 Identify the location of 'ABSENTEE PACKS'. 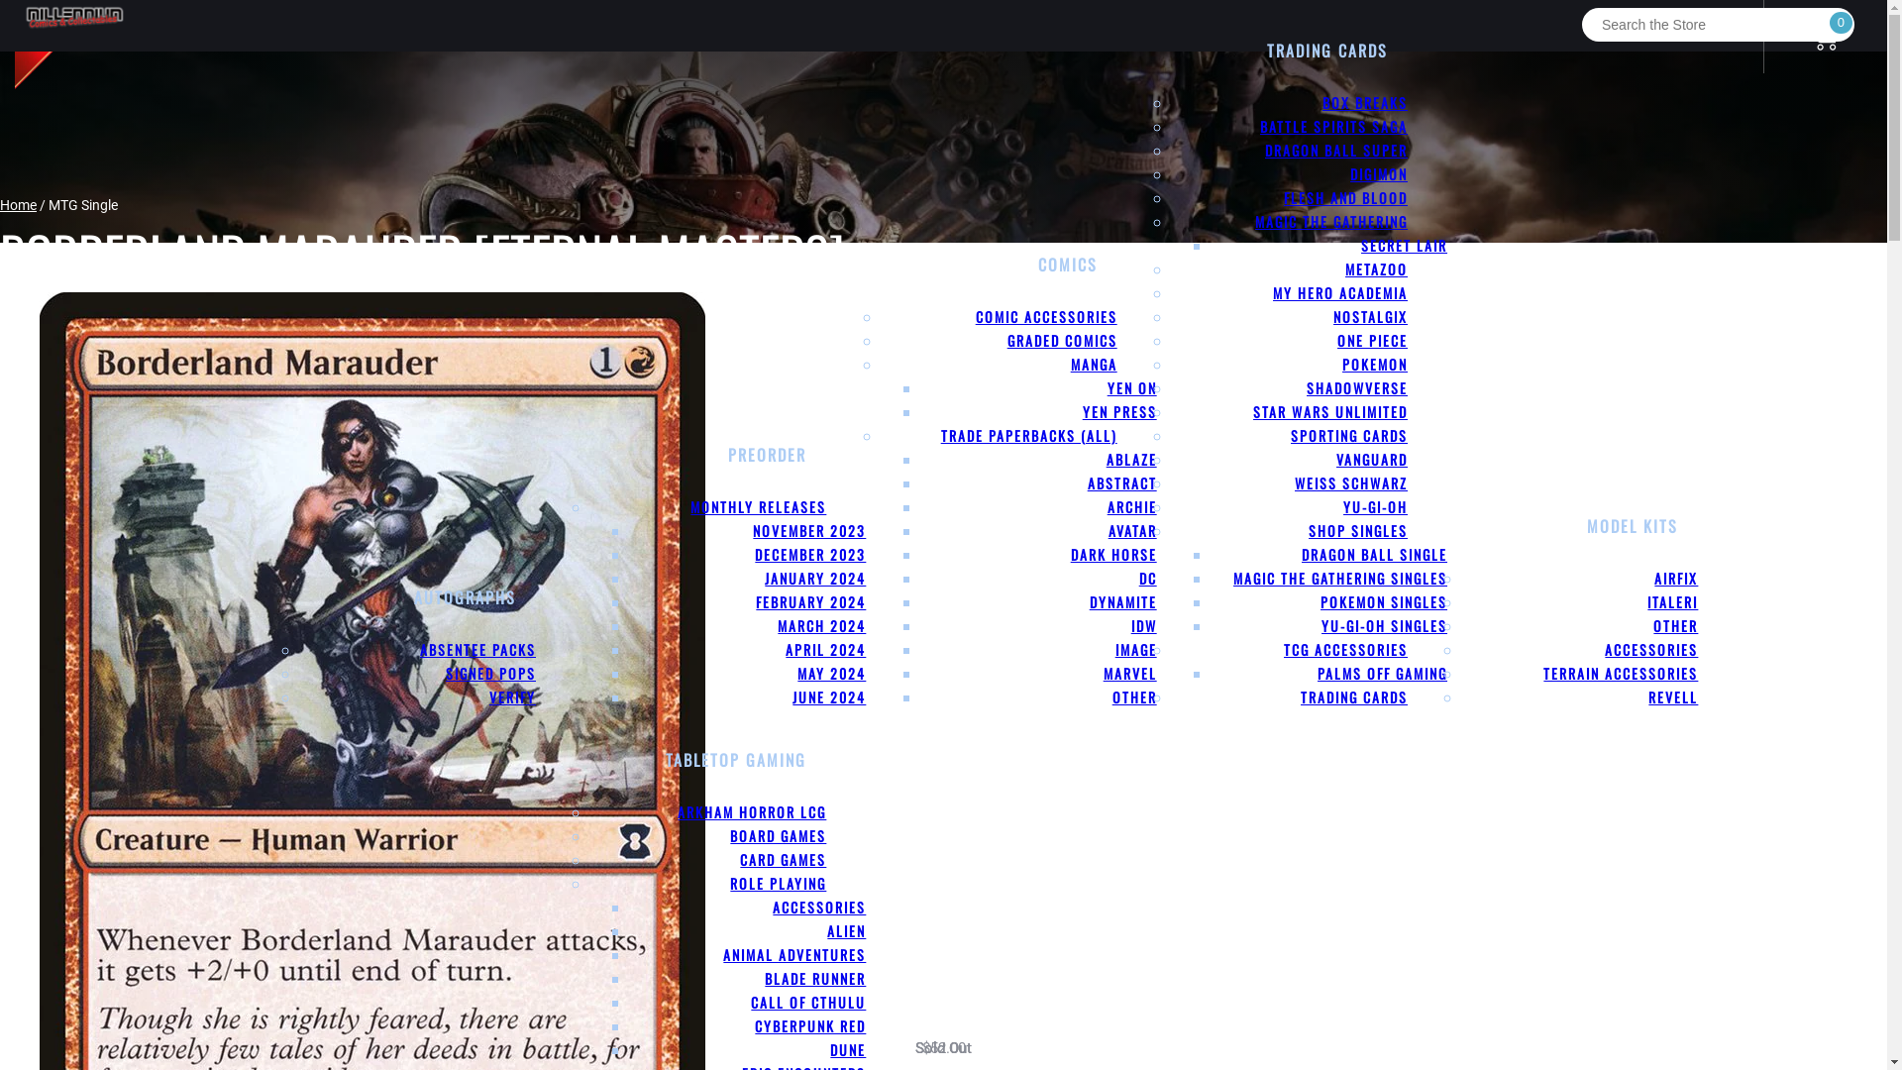
(477, 649).